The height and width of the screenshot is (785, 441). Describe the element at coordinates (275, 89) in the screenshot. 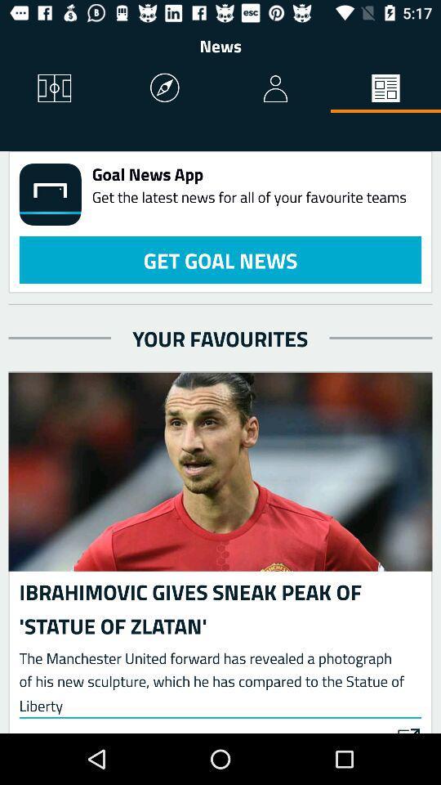

I see `icon above the goal news app icon` at that location.